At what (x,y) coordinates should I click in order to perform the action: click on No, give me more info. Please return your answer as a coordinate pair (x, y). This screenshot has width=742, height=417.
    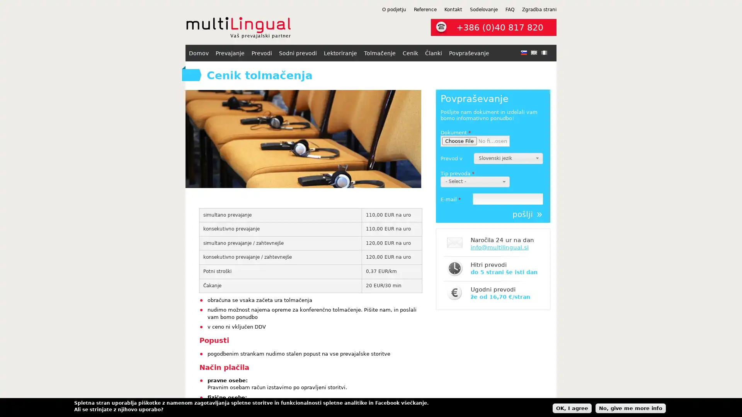
    Looking at the image, I should click on (631, 407).